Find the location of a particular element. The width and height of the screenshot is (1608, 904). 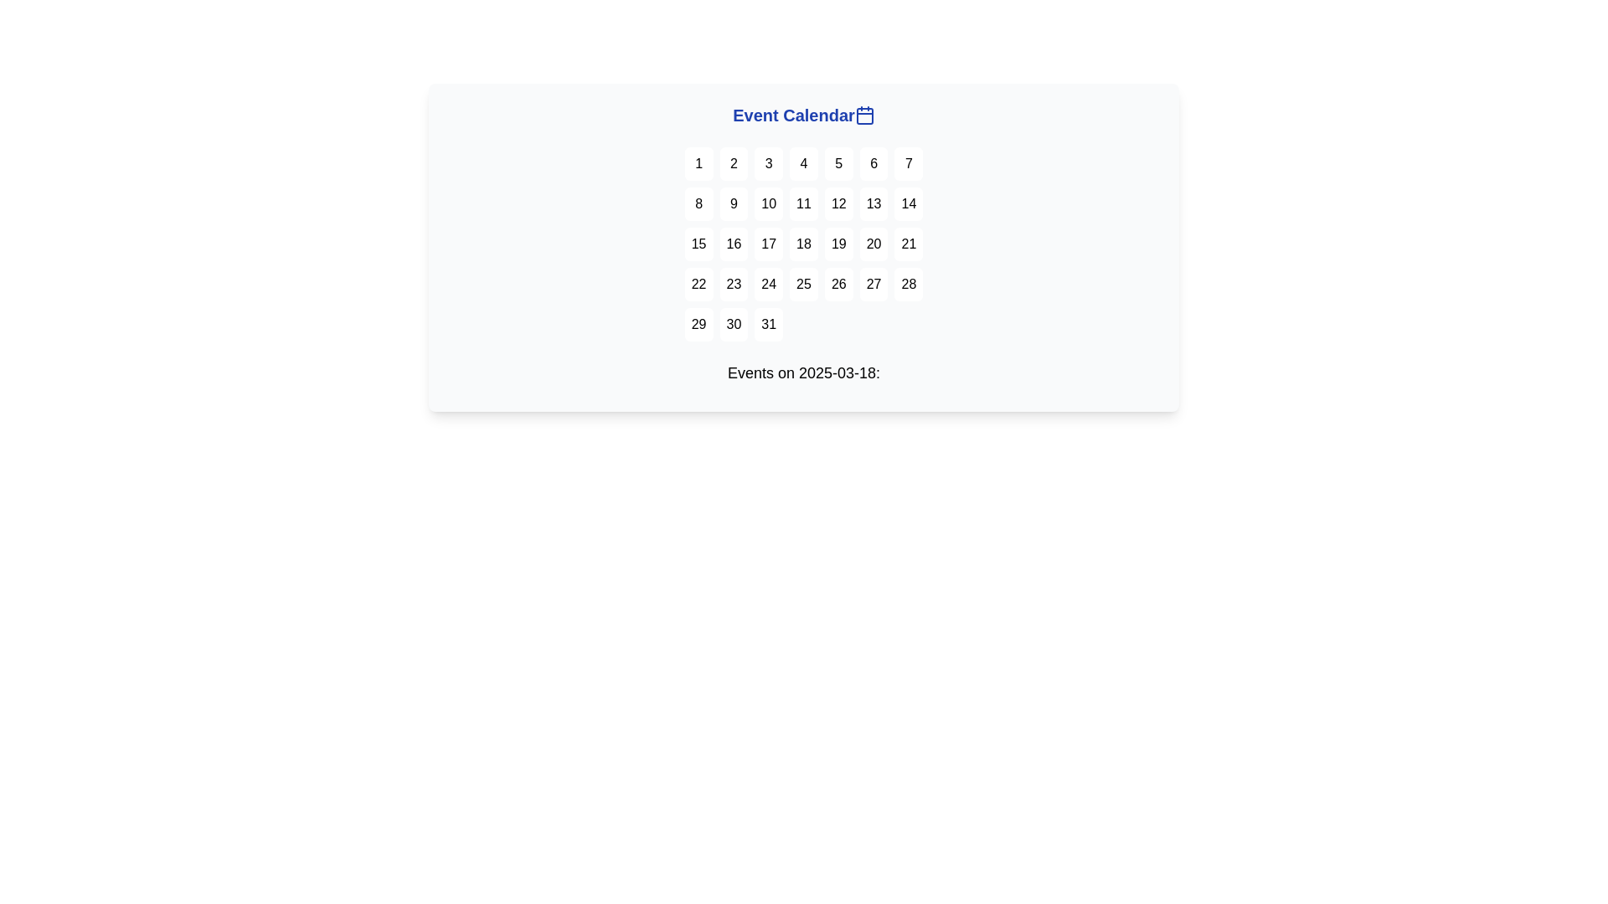

the calendar day button representing the date '31' is located at coordinates (768, 325).